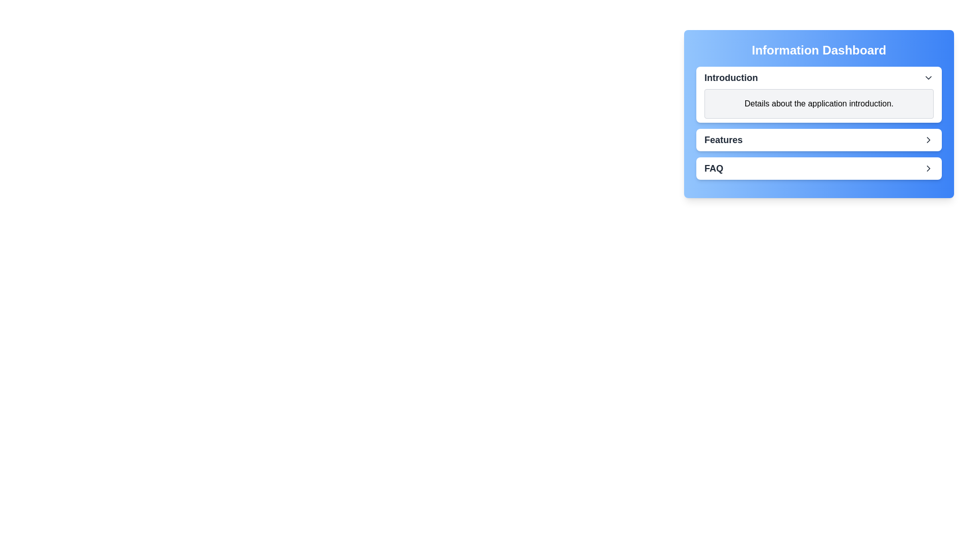 The height and width of the screenshot is (550, 978). Describe the element at coordinates (819, 168) in the screenshot. I see `the last interactive list item` at that location.